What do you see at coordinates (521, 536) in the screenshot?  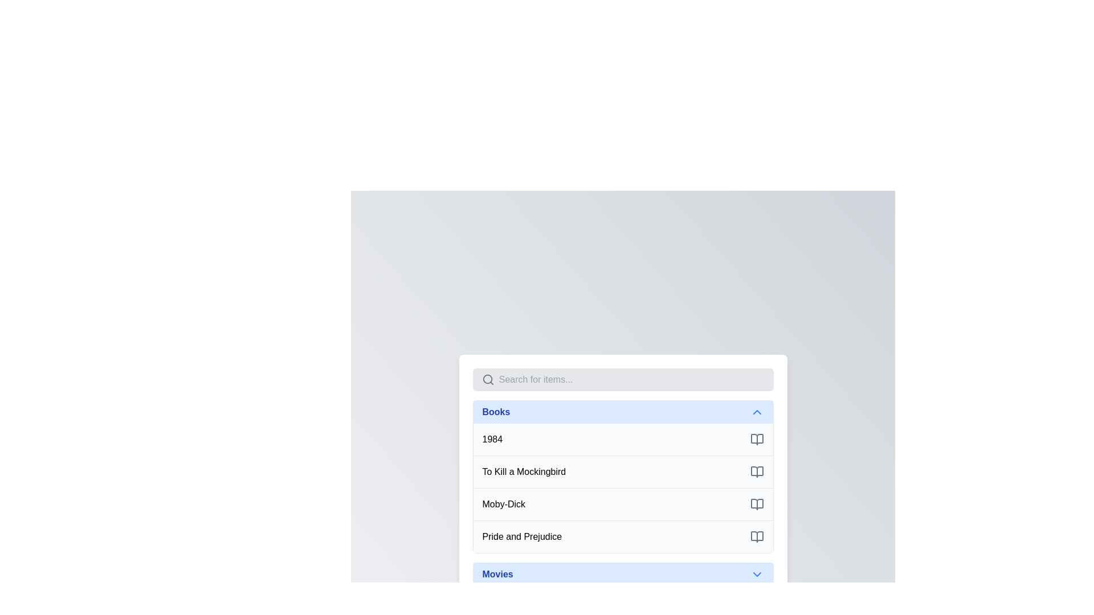 I see `the text label displaying 'Pride and Prejudice' located in the fourth position under the 'Books' section` at bounding box center [521, 536].